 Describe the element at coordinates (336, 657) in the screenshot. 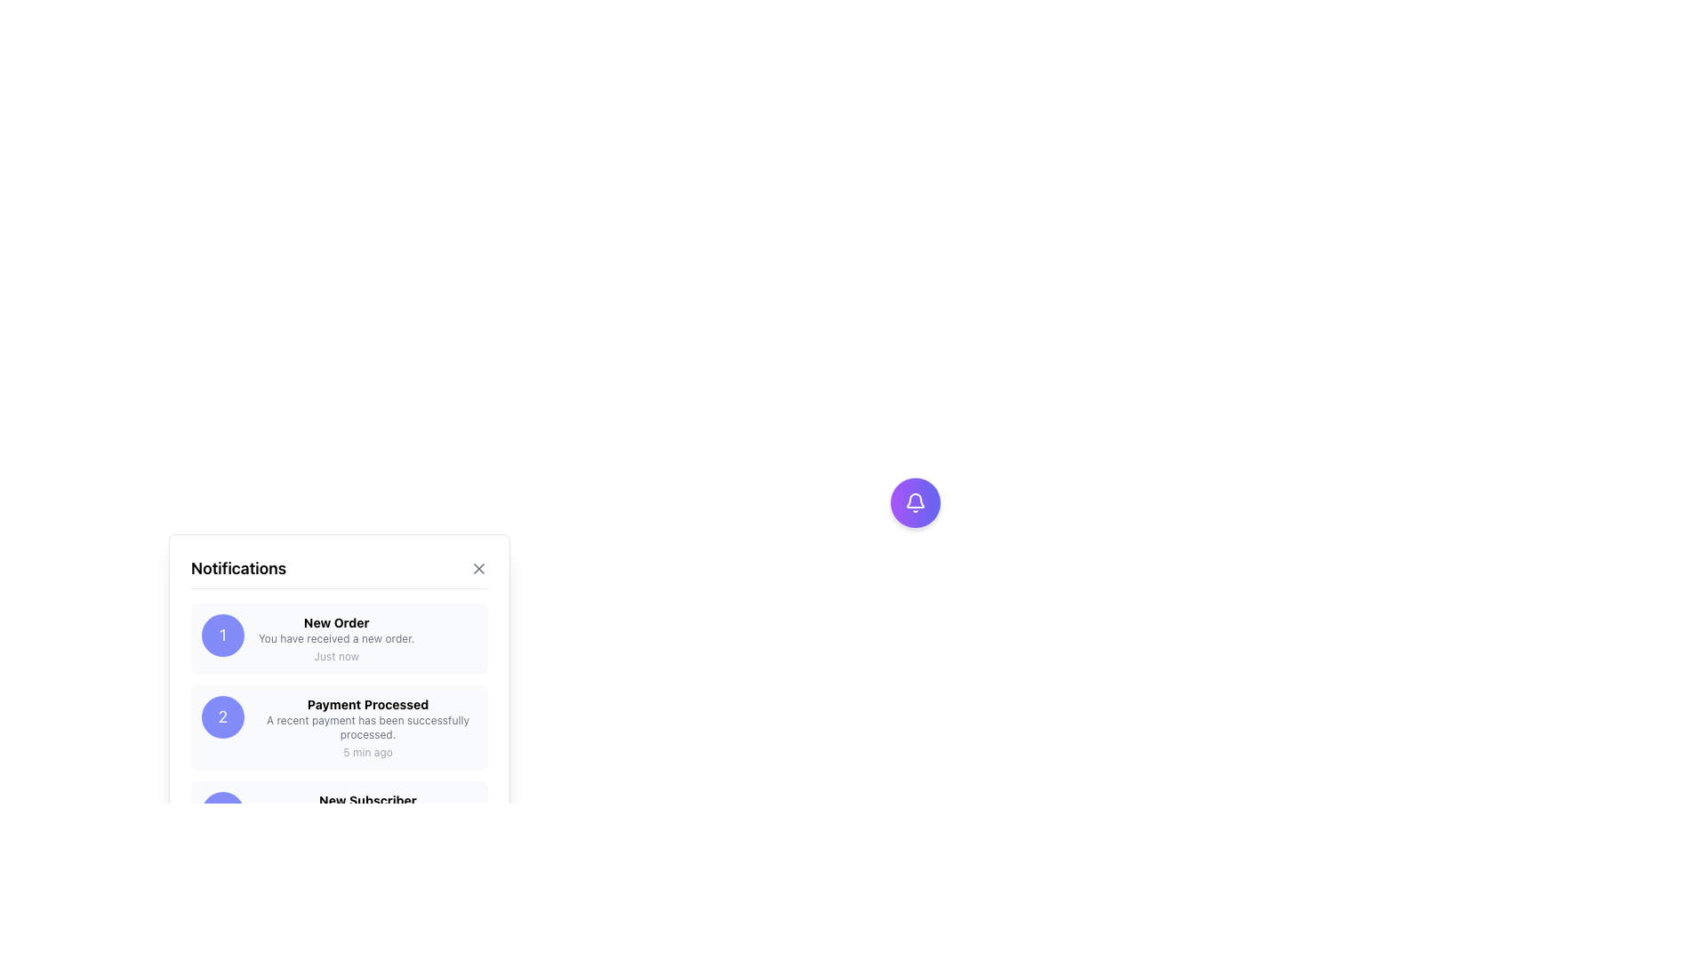

I see `timestamp text label indicating the recency of the associated notification located beneath the description 'You have received a new order.'` at that location.